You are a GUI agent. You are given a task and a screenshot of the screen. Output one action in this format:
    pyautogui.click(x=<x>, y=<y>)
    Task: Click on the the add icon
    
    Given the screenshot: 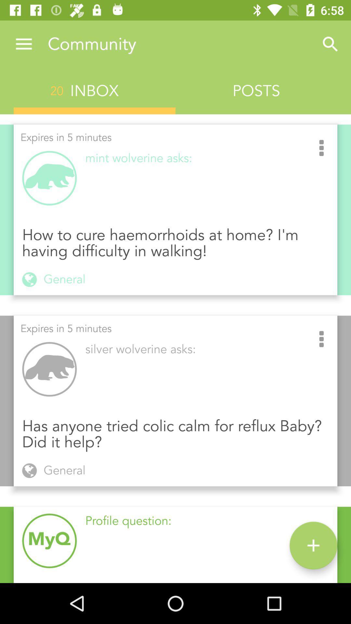 What is the action you would take?
    pyautogui.click(x=313, y=545)
    